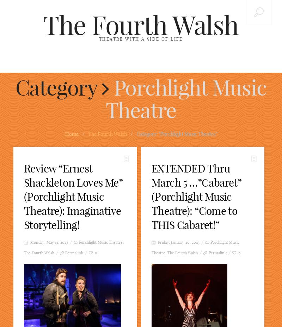 This screenshot has height=327, width=282. Describe the element at coordinates (196, 196) in the screenshot. I see `'EXTENDED Thru March 5 …”Cabaret” (Porchlight Music Theatre): “Come to THIS Cabaret!”'` at that location.